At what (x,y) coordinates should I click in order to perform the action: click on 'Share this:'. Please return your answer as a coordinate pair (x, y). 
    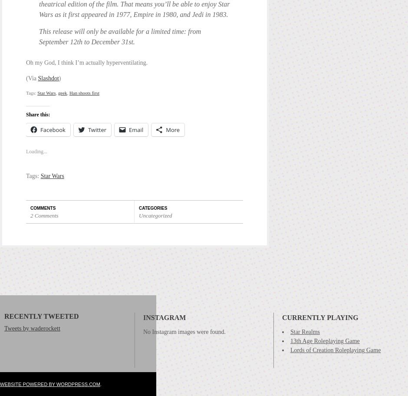
    Looking at the image, I should click on (38, 115).